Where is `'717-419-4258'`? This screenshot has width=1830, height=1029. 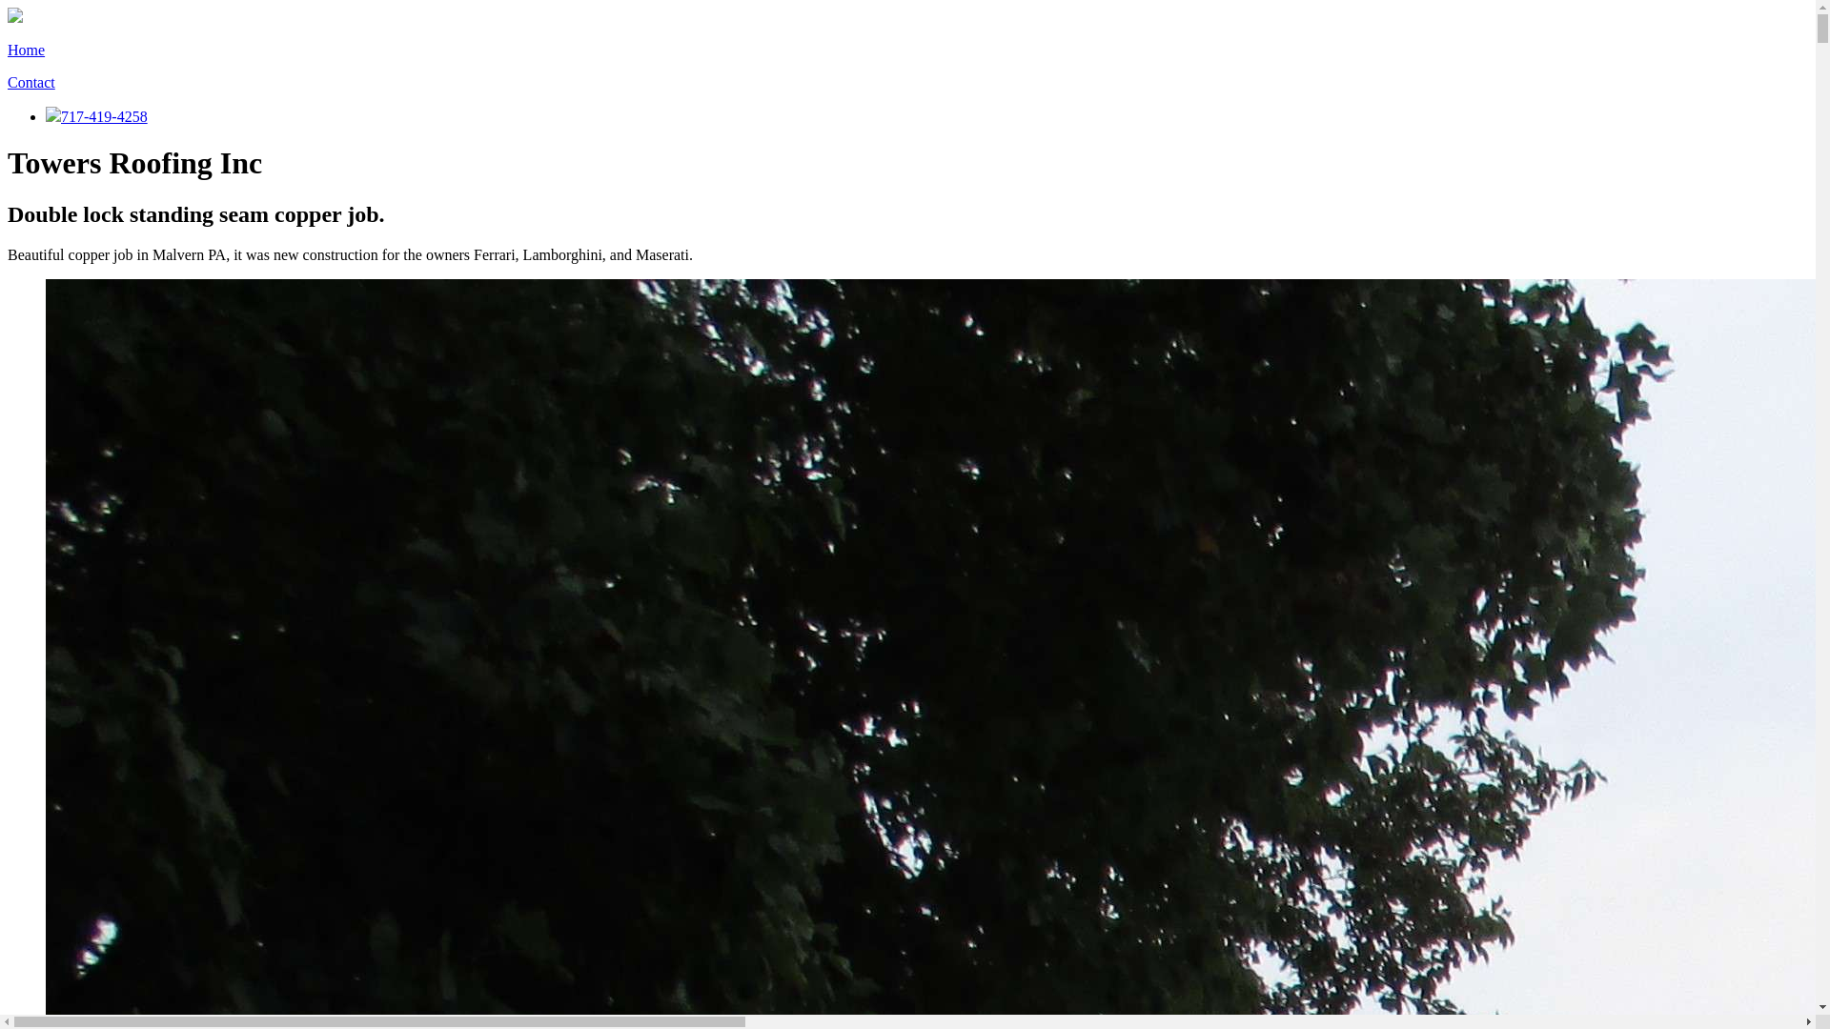
'717-419-4258' is located at coordinates (95, 116).